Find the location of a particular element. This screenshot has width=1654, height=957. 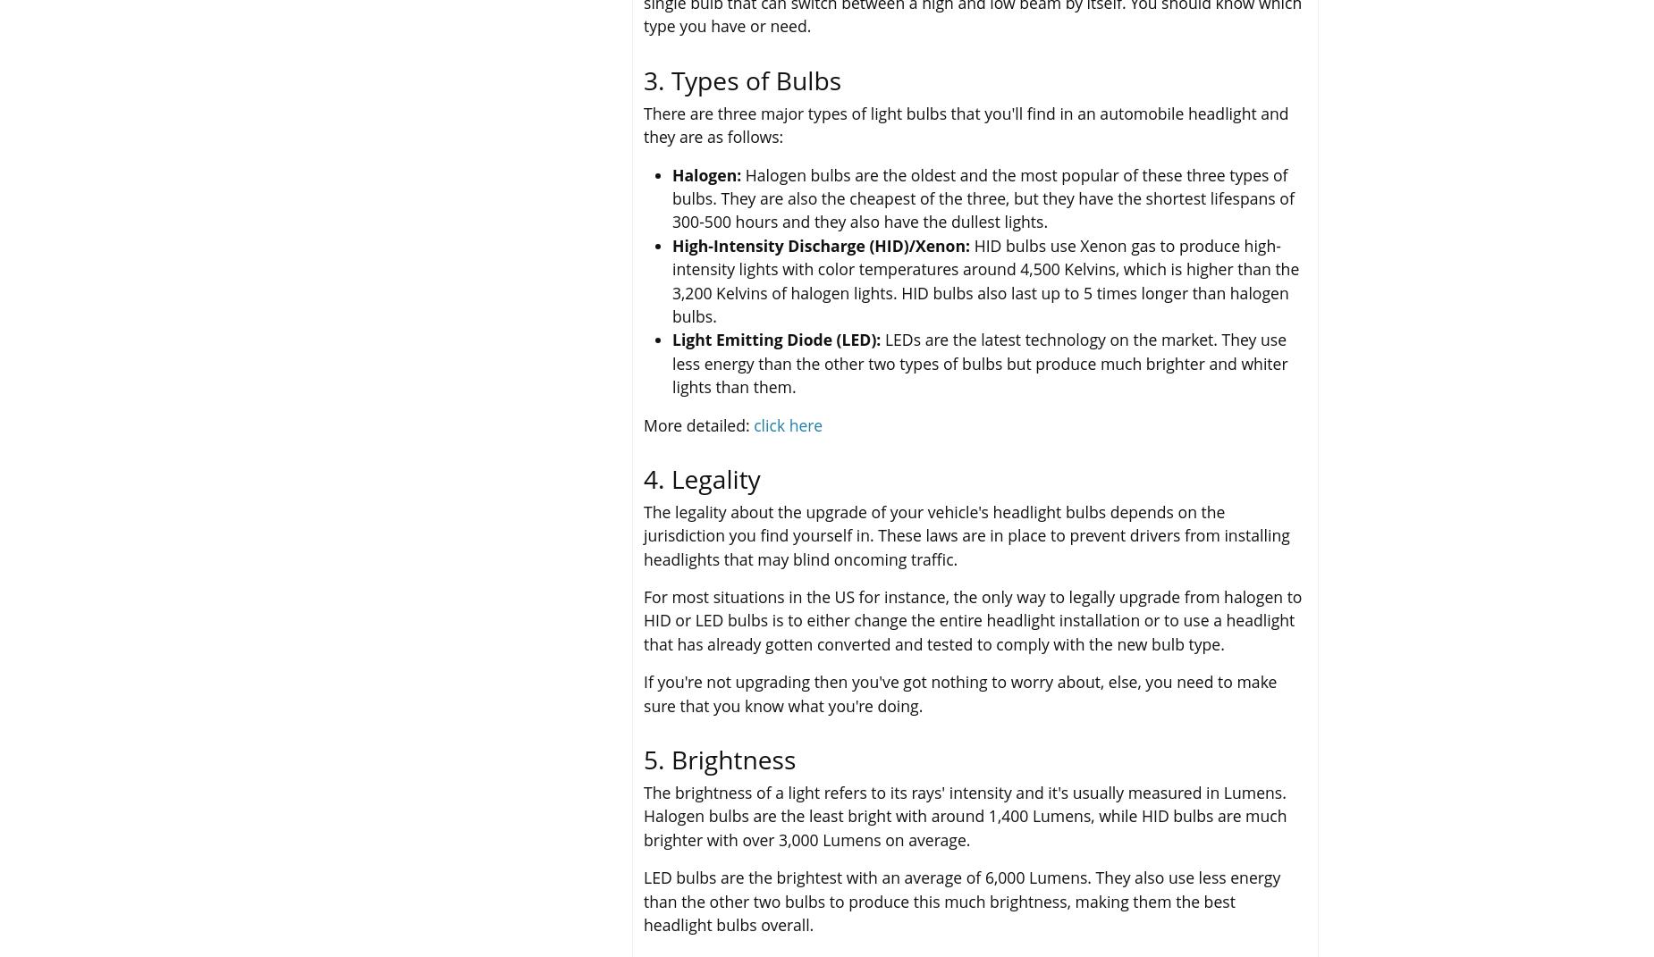

'Halogen:' is located at coordinates (706, 173).